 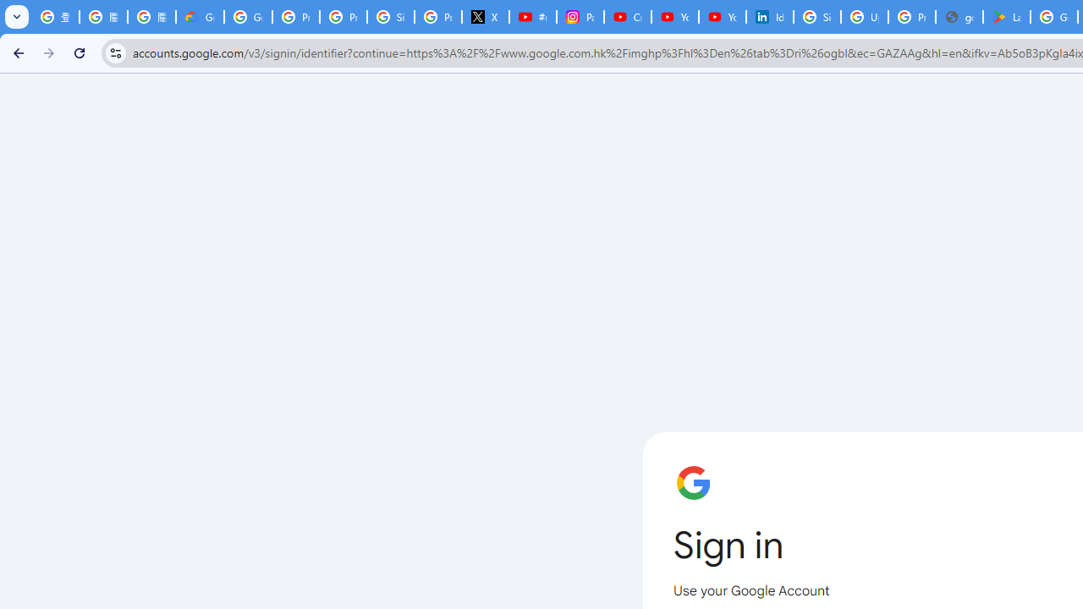 What do you see at coordinates (769, 17) in the screenshot?
I see `'Identity verification via Persona | LinkedIn Help'` at bounding box center [769, 17].